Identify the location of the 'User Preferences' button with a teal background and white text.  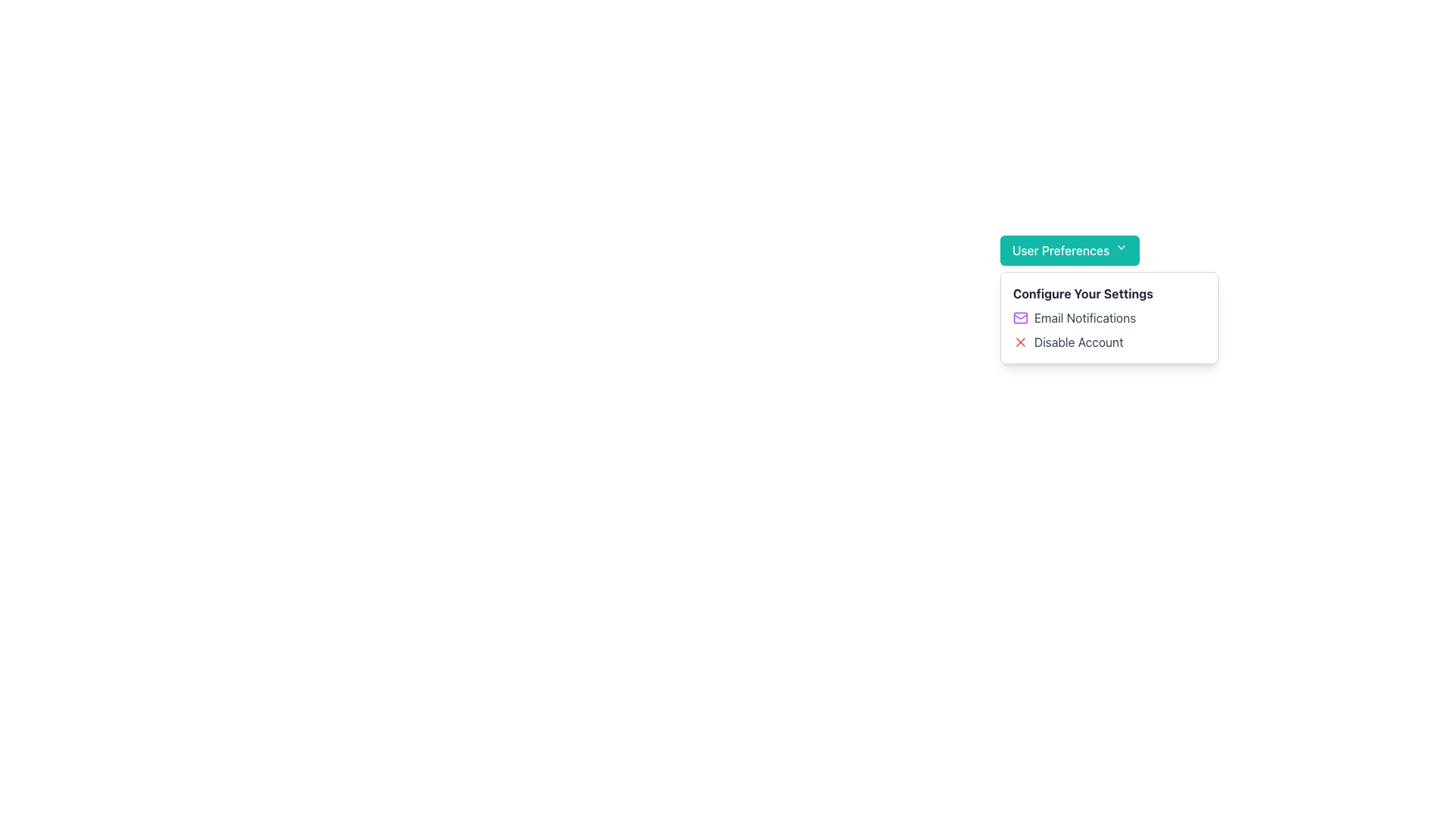
(1069, 250).